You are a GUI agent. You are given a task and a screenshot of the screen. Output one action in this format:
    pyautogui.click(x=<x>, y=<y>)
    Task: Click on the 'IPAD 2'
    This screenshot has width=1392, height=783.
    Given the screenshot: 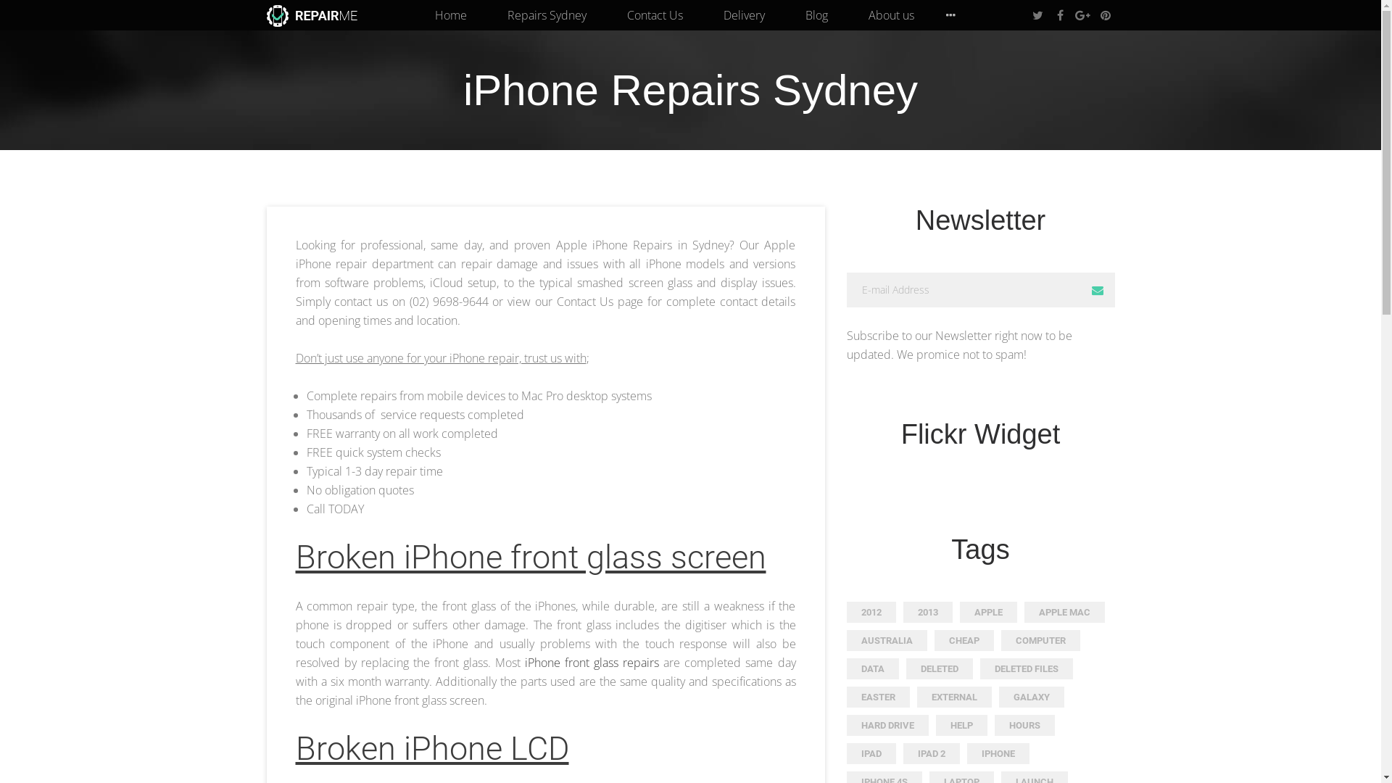 What is the action you would take?
    pyautogui.click(x=932, y=753)
    